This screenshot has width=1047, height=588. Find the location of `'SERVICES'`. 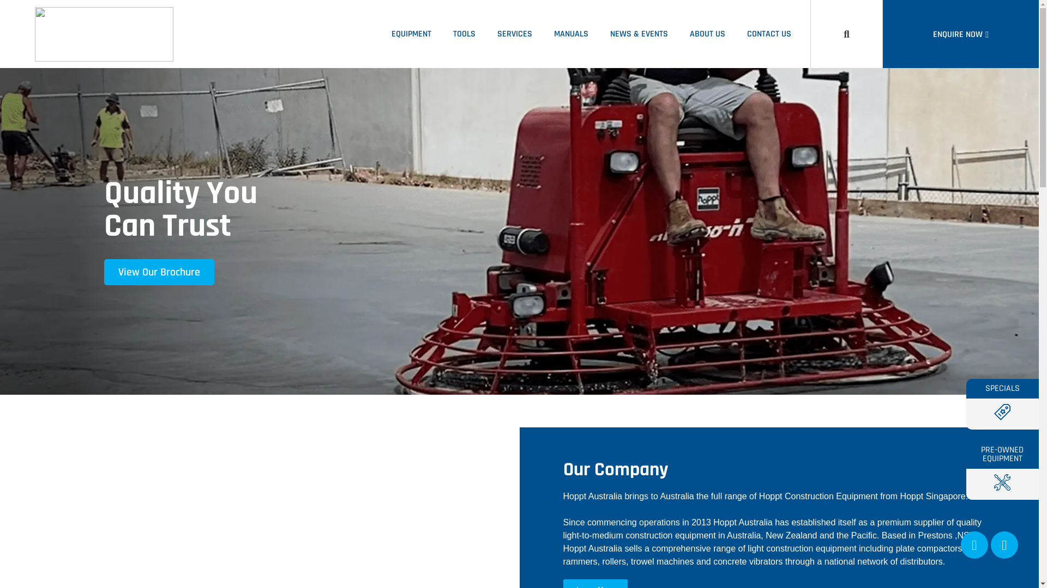

'SERVICES' is located at coordinates (486, 33).